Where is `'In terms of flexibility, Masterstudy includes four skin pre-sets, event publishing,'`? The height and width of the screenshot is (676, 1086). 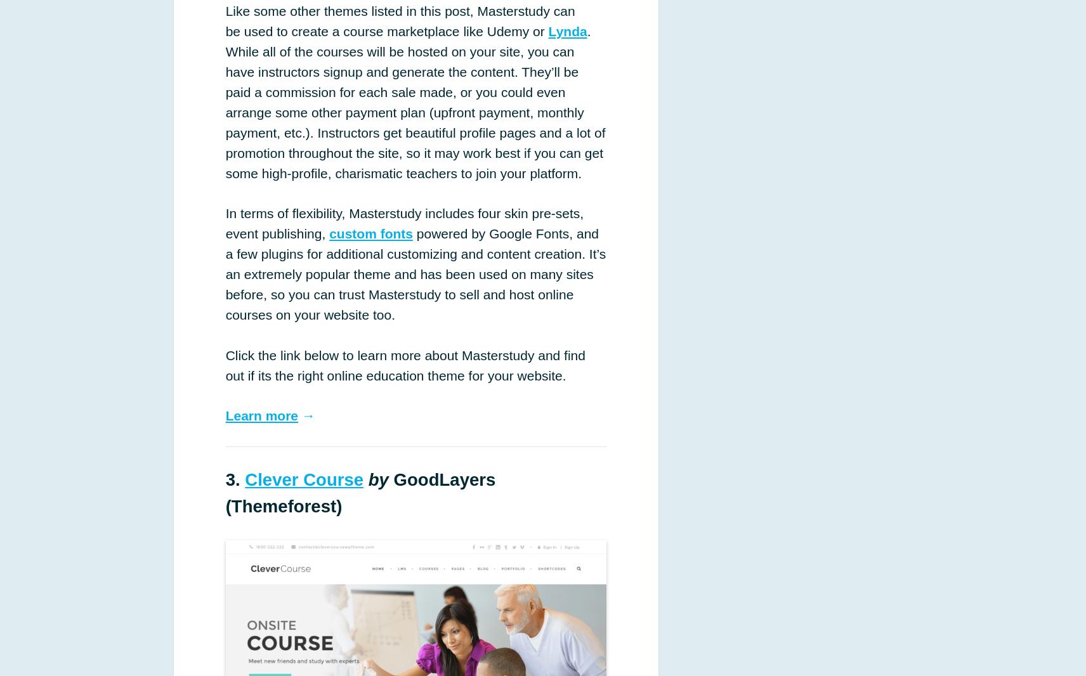 'In terms of flexibility, Masterstudy includes four skin pre-sets, event publishing,' is located at coordinates (403, 223).